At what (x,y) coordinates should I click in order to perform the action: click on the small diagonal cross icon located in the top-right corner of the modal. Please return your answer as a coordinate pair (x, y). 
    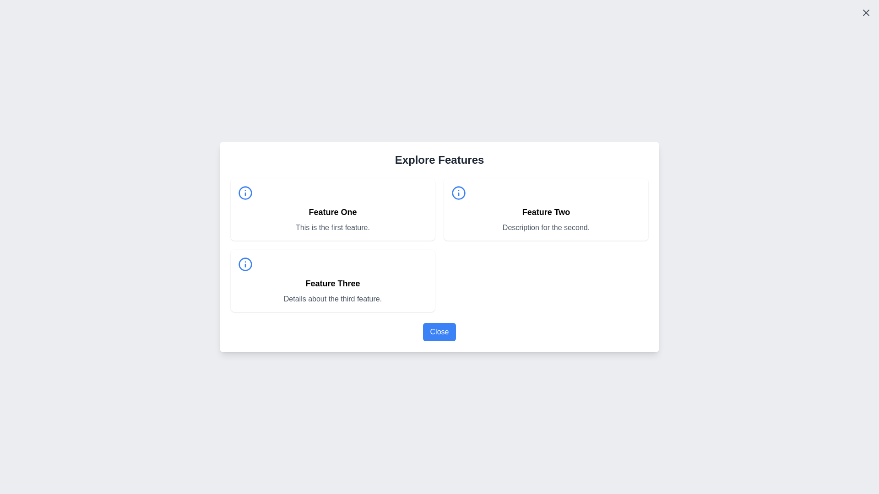
    Looking at the image, I should click on (865, 12).